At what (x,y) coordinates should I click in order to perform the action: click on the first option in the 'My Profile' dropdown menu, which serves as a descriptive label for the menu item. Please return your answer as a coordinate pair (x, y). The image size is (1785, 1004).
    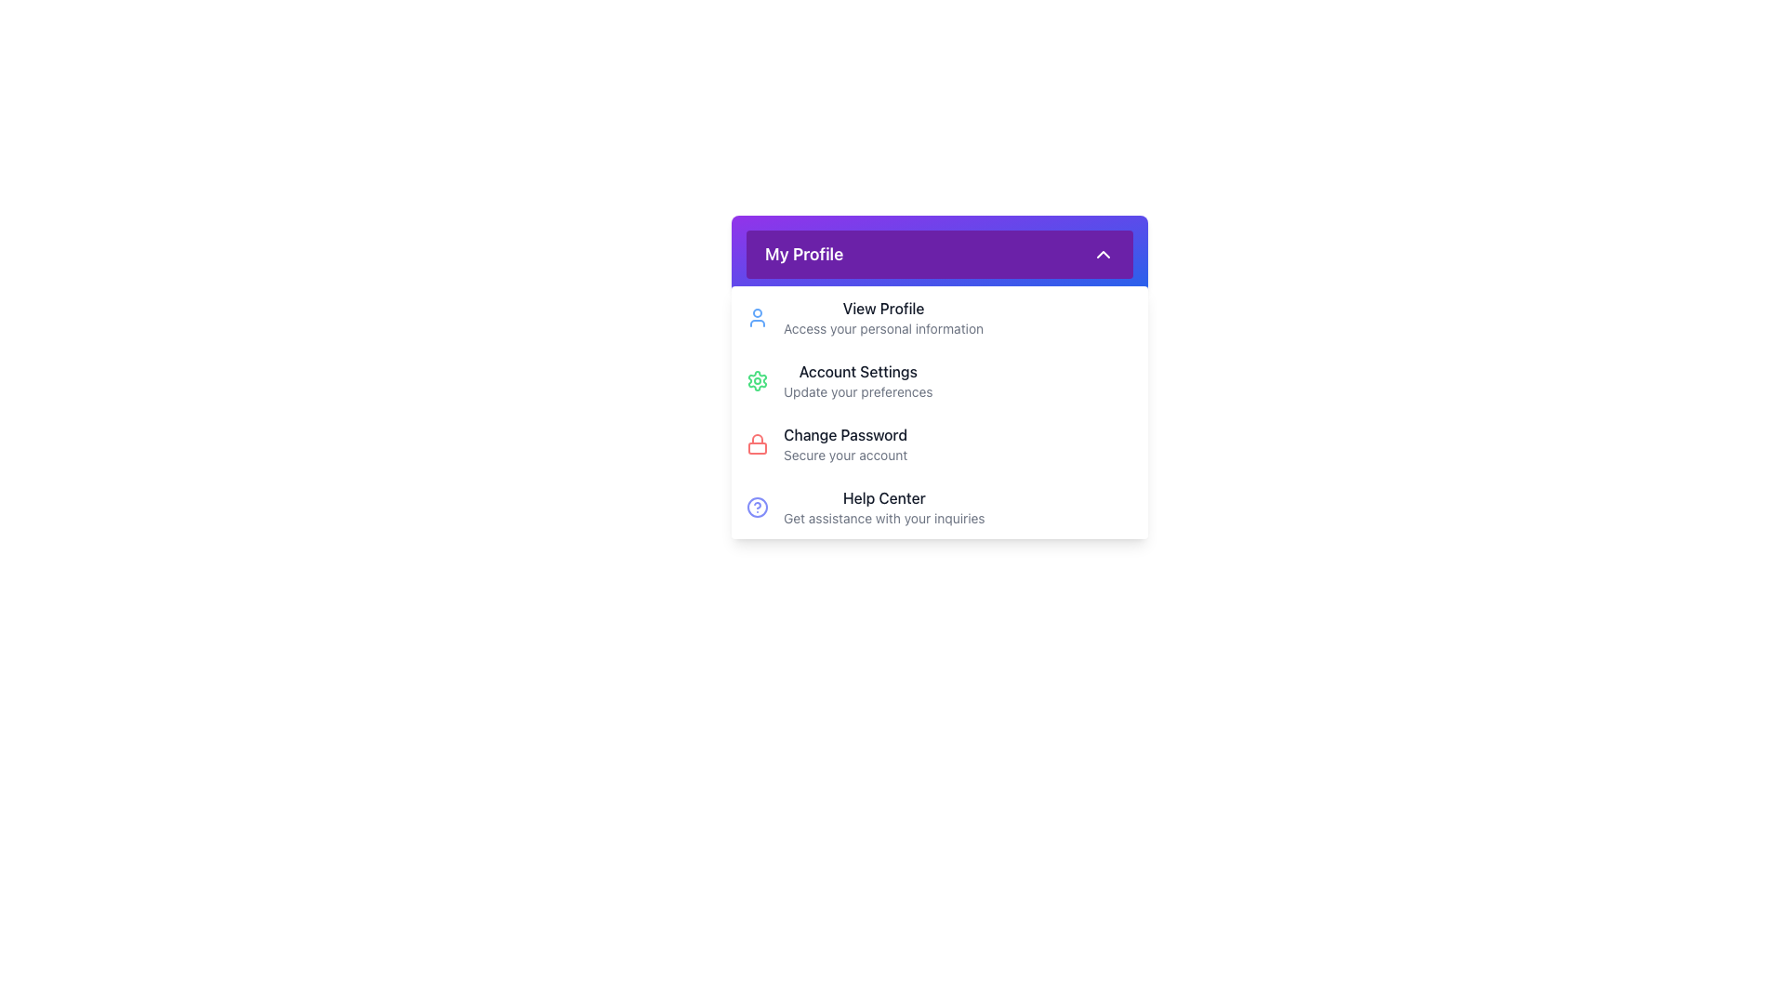
    Looking at the image, I should click on (882, 307).